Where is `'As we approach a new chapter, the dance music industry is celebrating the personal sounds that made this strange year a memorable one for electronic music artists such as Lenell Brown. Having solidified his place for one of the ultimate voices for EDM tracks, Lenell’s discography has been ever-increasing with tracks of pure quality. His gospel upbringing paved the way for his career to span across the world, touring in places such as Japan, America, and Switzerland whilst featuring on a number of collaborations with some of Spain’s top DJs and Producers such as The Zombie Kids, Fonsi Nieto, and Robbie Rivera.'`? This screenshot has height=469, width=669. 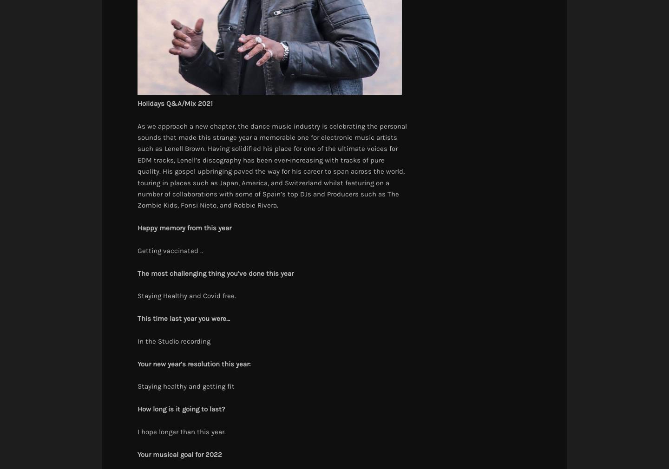 'As we approach a new chapter, the dance music industry is celebrating the personal sounds that made this strange year a memorable one for electronic music artists such as Lenell Brown. Having solidified his place for one of the ultimate voices for EDM tracks, Lenell’s discography has been ever-increasing with tracks of pure quality. His gospel upbringing paved the way for his career to span across the world, touring in places such as Japan, America, and Switzerland whilst featuring on a number of collaborations with some of Spain’s top DJs and Producers such as The Zombie Kids, Fonsi Nieto, and Robbie Rivera.' is located at coordinates (137, 165).